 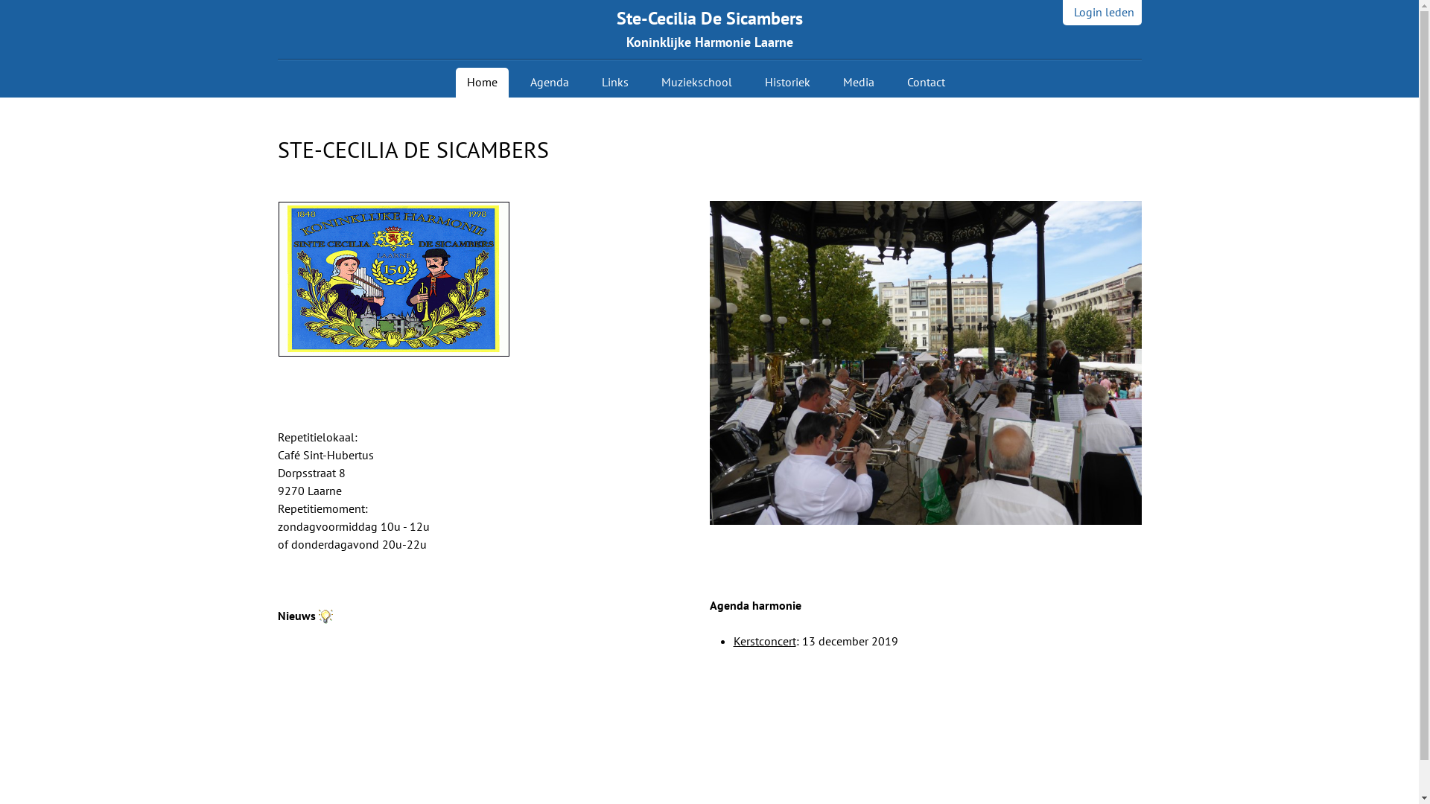 What do you see at coordinates (482, 83) in the screenshot?
I see `'Home'` at bounding box center [482, 83].